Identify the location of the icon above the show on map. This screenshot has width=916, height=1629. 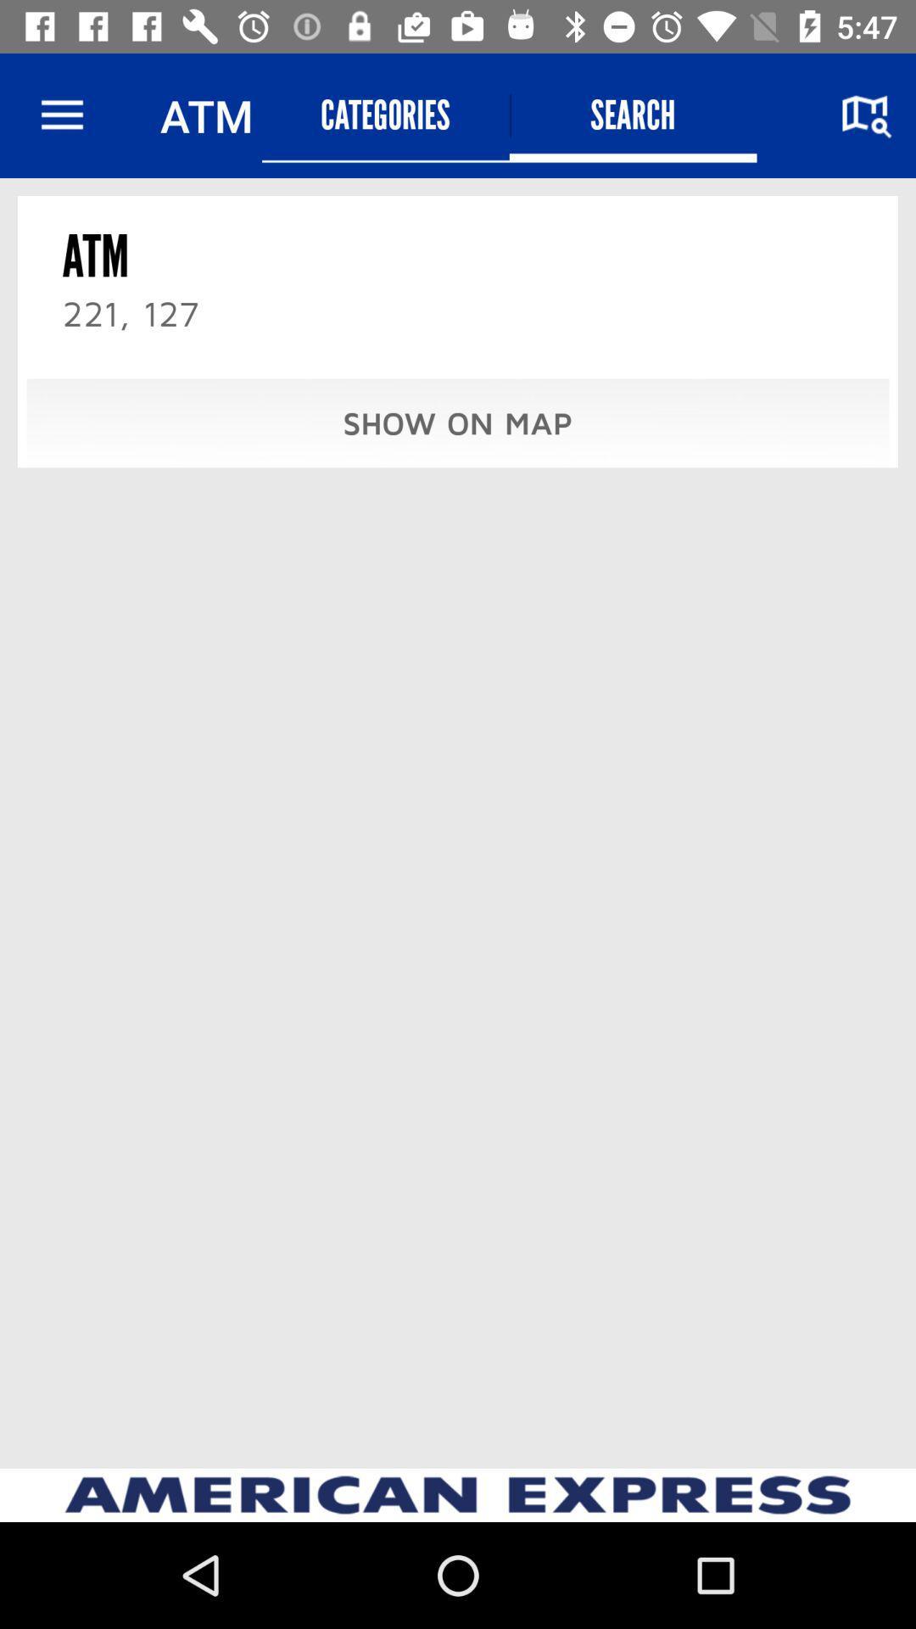
(633, 115).